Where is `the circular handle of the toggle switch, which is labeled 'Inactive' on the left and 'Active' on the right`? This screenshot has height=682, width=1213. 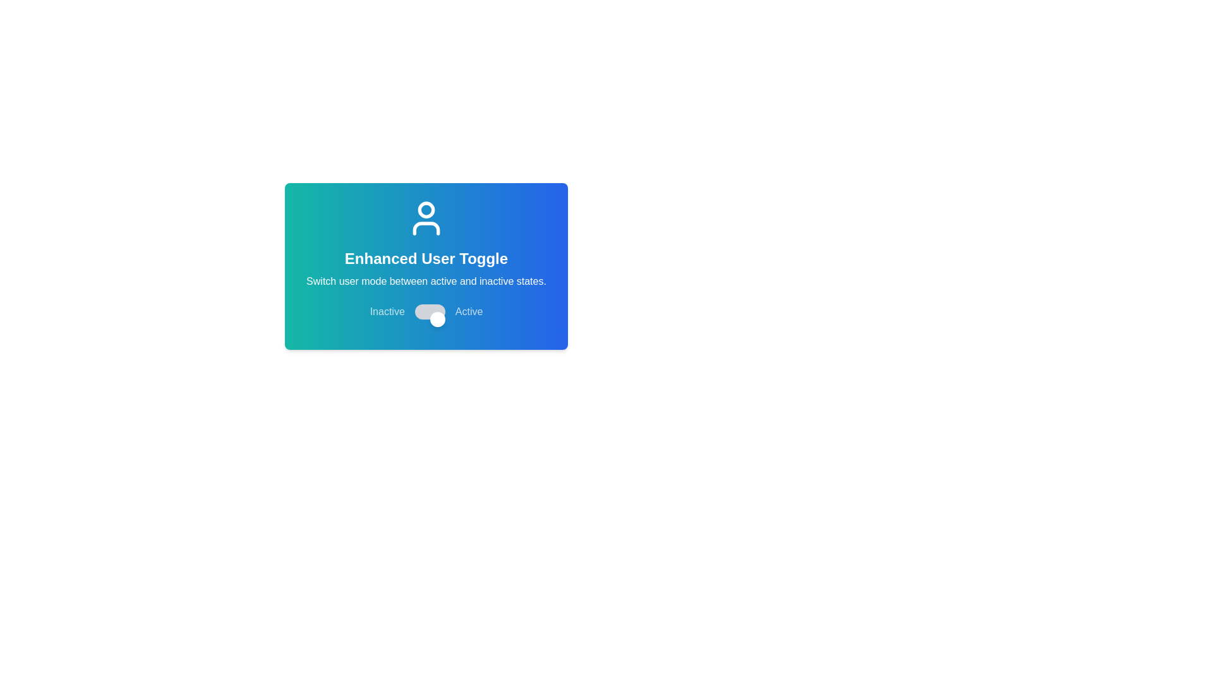
the circular handle of the toggle switch, which is labeled 'Inactive' on the left and 'Active' on the right is located at coordinates (437, 318).